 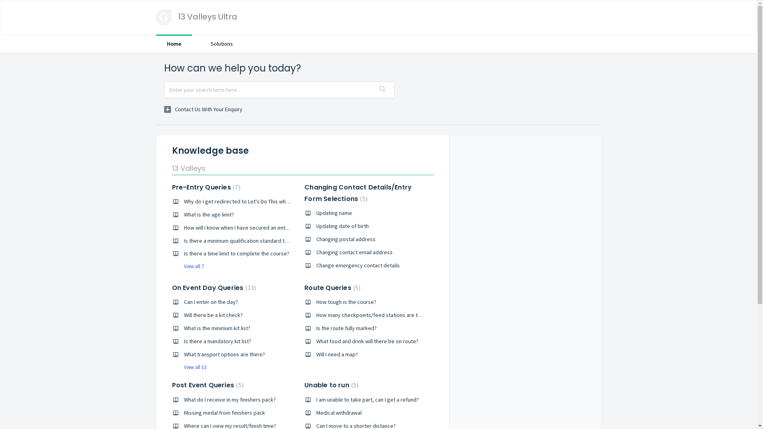 What do you see at coordinates (332, 288) in the screenshot?
I see `'Route Queries 5'` at bounding box center [332, 288].